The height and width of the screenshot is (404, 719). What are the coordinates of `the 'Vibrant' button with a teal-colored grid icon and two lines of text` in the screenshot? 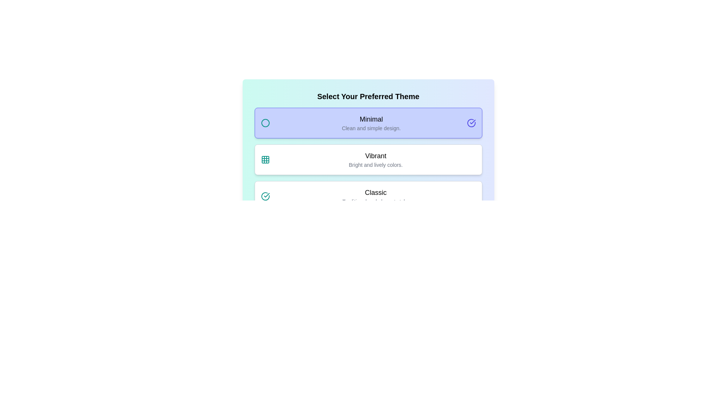 It's located at (368, 159).